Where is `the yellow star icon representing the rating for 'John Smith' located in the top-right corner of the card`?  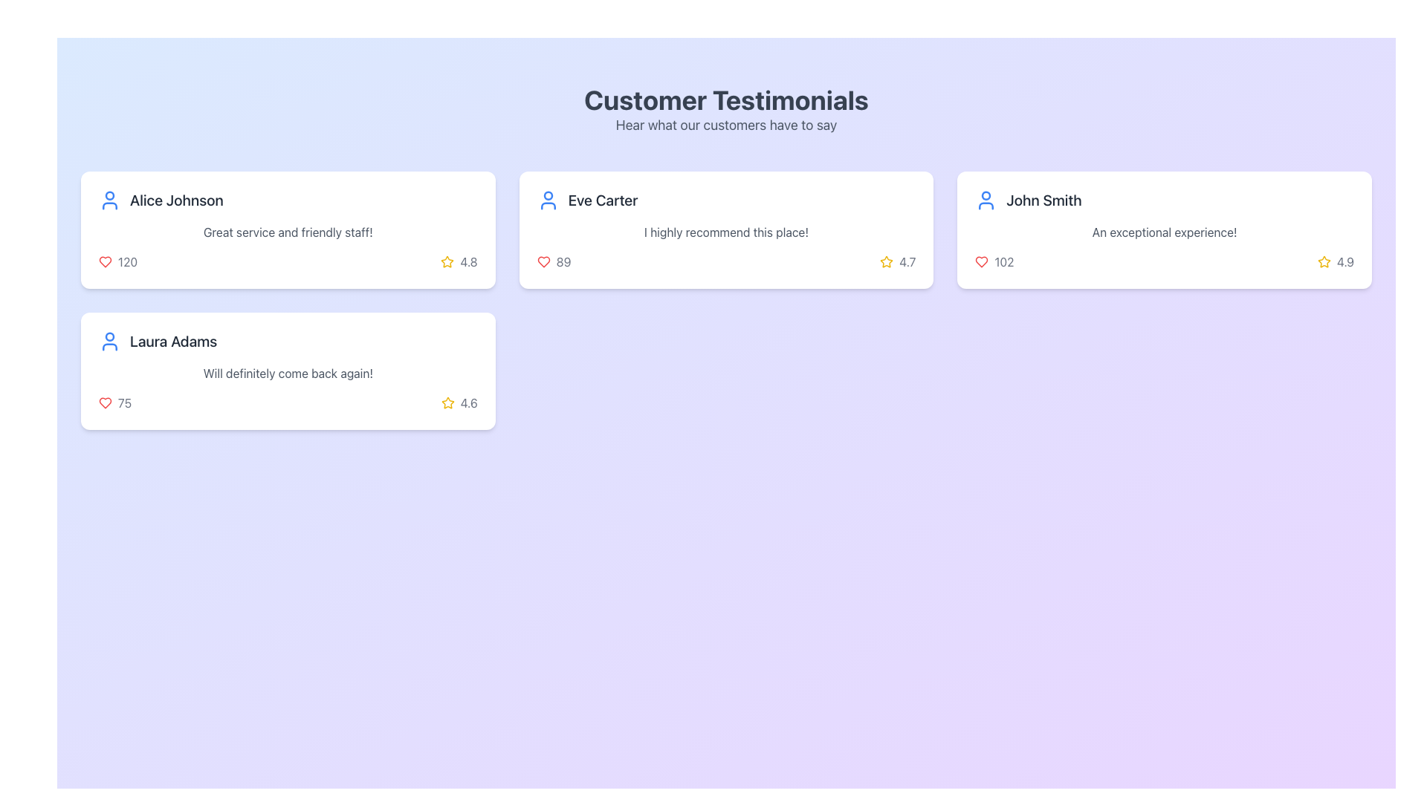
the yellow star icon representing the rating for 'John Smith' located in the top-right corner of the card is located at coordinates (1324, 261).